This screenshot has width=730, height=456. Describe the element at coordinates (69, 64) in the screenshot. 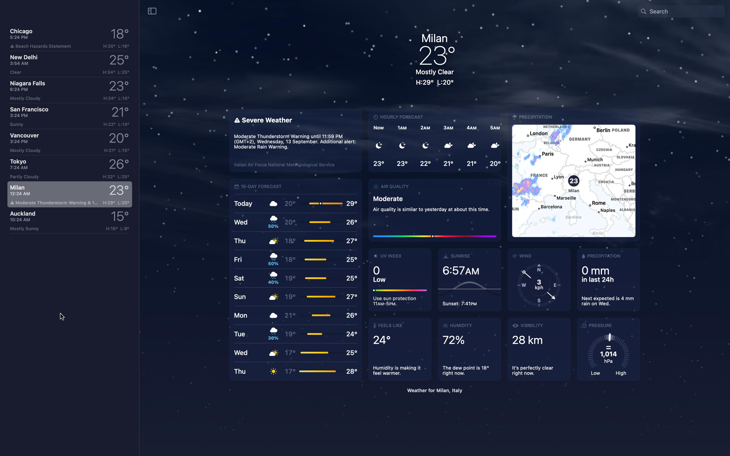

I see `Look up weather conditions in New Delhi` at that location.